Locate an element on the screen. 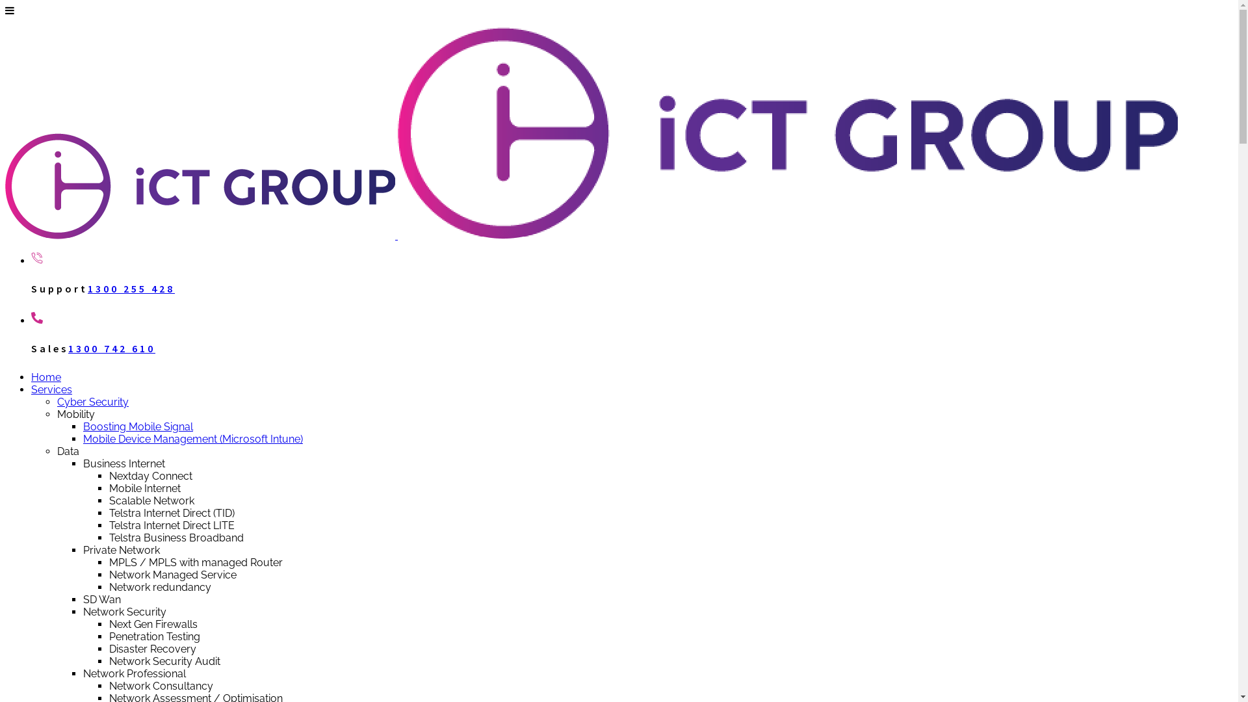 The height and width of the screenshot is (702, 1248). 'Telstra Internet Direct (TID)' is located at coordinates (109, 512).